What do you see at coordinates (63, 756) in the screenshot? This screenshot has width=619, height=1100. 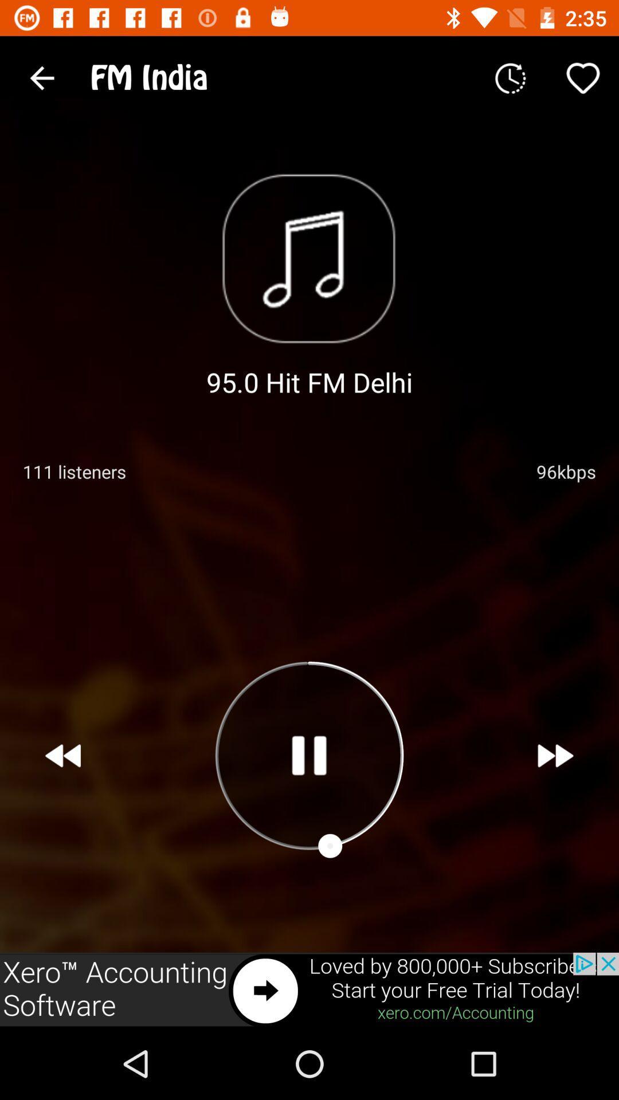 I see `previous song` at bounding box center [63, 756].